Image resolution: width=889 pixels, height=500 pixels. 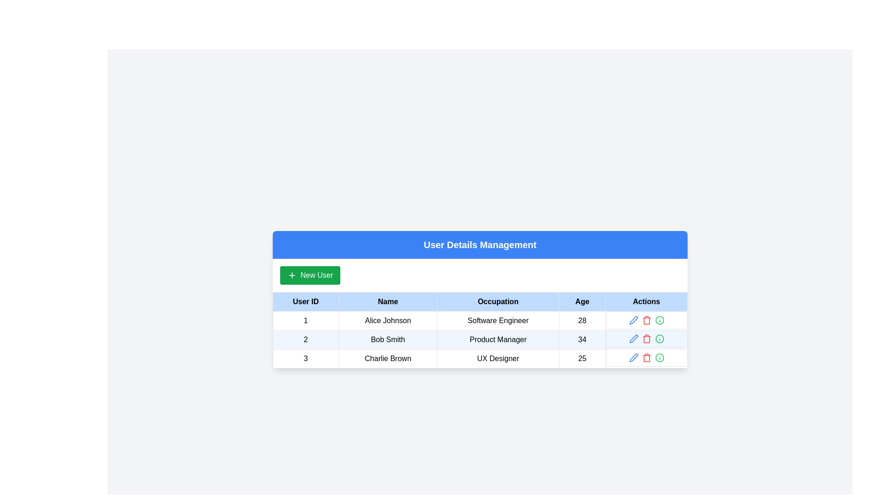 What do you see at coordinates (497, 339) in the screenshot?
I see `the TextLabel that displays the occupation of 'Bob Smith' in the third column of the data table` at bounding box center [497, 339].